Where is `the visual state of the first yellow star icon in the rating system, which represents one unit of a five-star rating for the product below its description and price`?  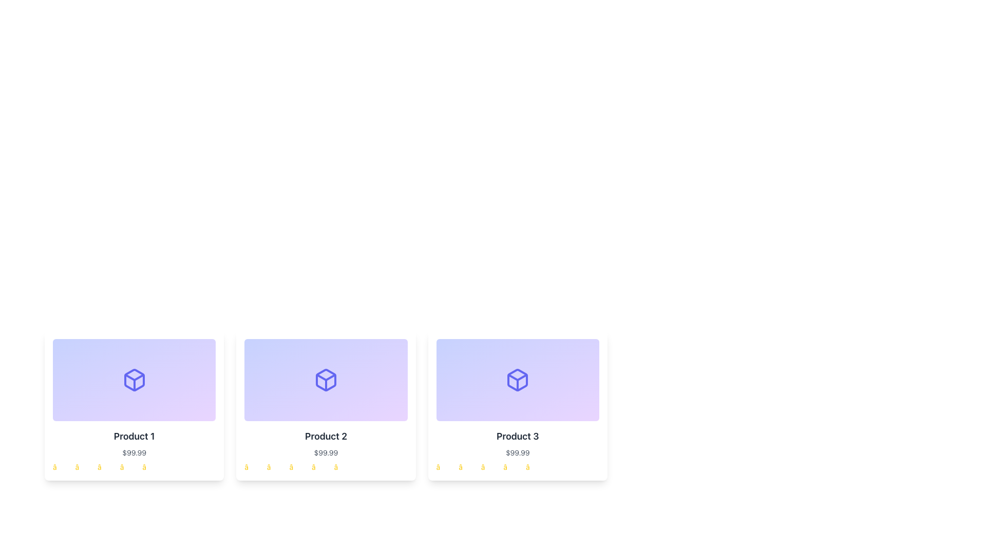 the visual state of the first yellow star icon in the rating system, which represents one unit of a five-star rating for the product below its description and price is located at coordinates (61, 467).